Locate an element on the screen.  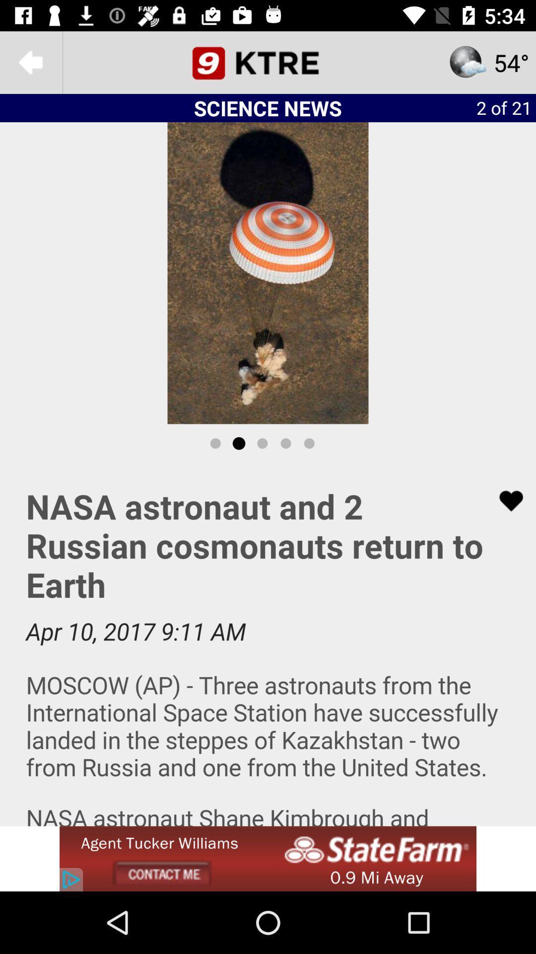
like button is located at coordinates (505, 501).